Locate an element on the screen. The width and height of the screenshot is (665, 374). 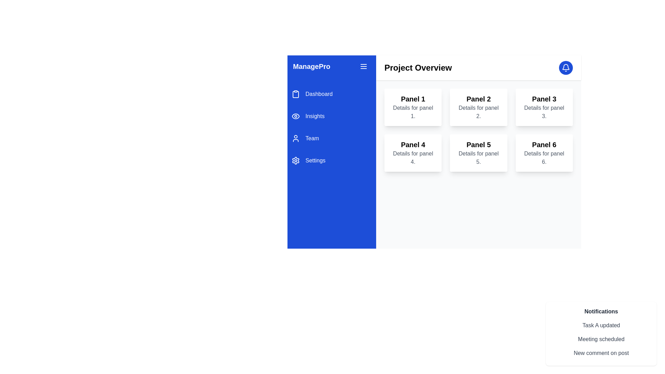
the static text or label that identifies the brand or application title, located at the top of the left sidebar panel, to the left of the menu button with three horizontal lines is located at coordinates (311, 66).